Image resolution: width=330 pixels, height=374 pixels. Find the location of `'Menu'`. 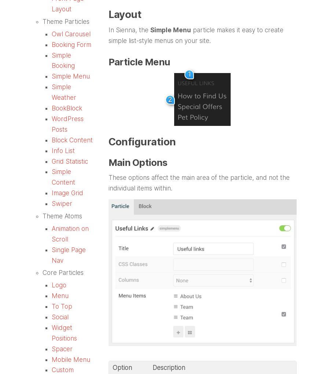

'Menu' is located at coordinates (52, 296).